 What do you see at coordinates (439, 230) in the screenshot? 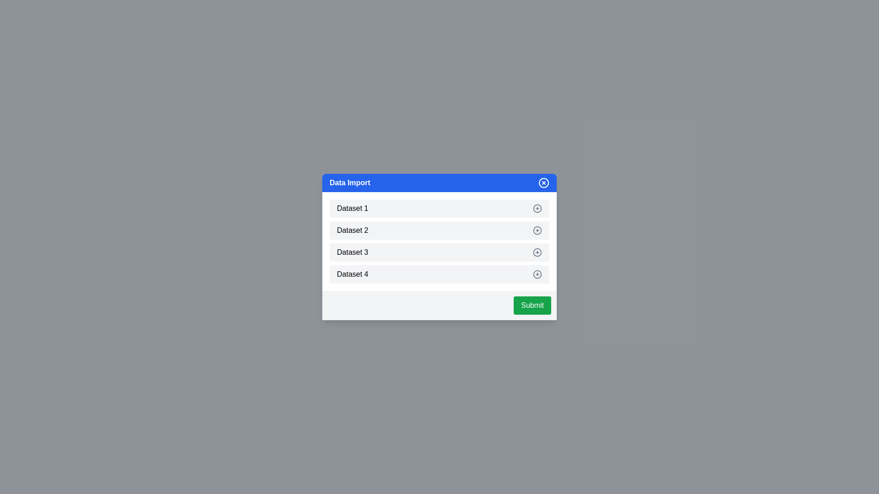
I see `the dataset item Dataset 2 to provide visual feedback` at bounding box center [439, 230].